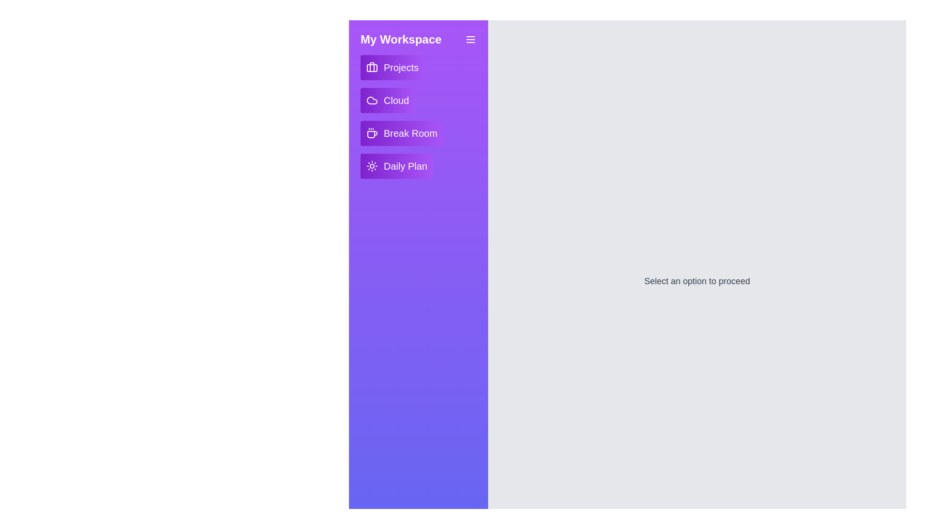 The image size is (928, 522). I want to click on the interactive element Projects, so click(392, 67).